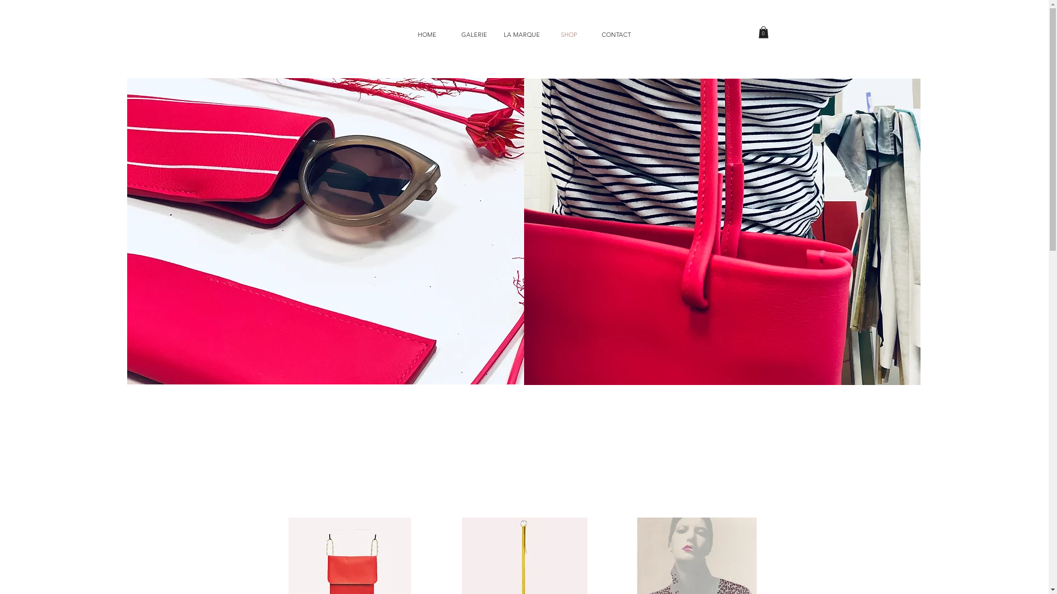 This screenshot has width=1057, height=594. I want to click on 'HOME', so click(426, 34).